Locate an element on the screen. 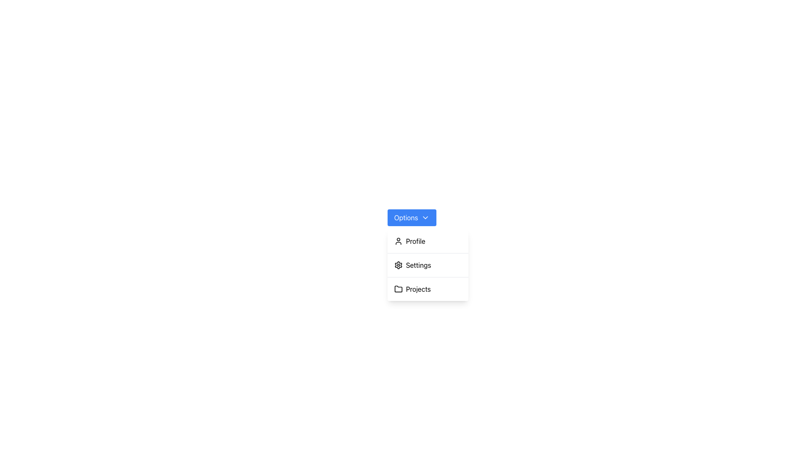 This screenshot has width=808, height=454. the 'Settings' icon in the dropdown menu under the 'Options' button, which is located between 'Profile' and 'Projects' is located at coordinates (398, 265).